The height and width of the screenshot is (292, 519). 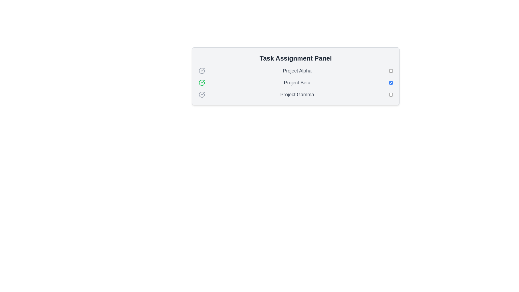 What do you see at coordinates (391, 82) in the screenshot?
I see `the checkbox beside the text 'Project Beta'` at bounding box center [391, 82].